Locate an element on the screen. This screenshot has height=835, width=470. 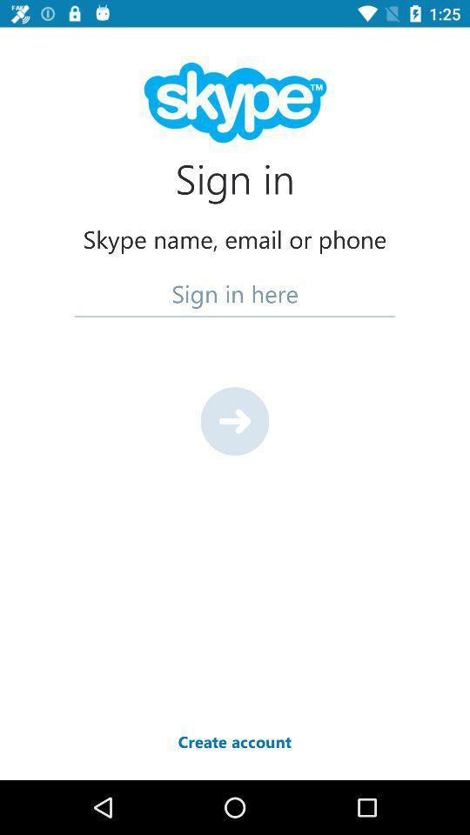
the item above create account icon is located at coordinates (235, 420).